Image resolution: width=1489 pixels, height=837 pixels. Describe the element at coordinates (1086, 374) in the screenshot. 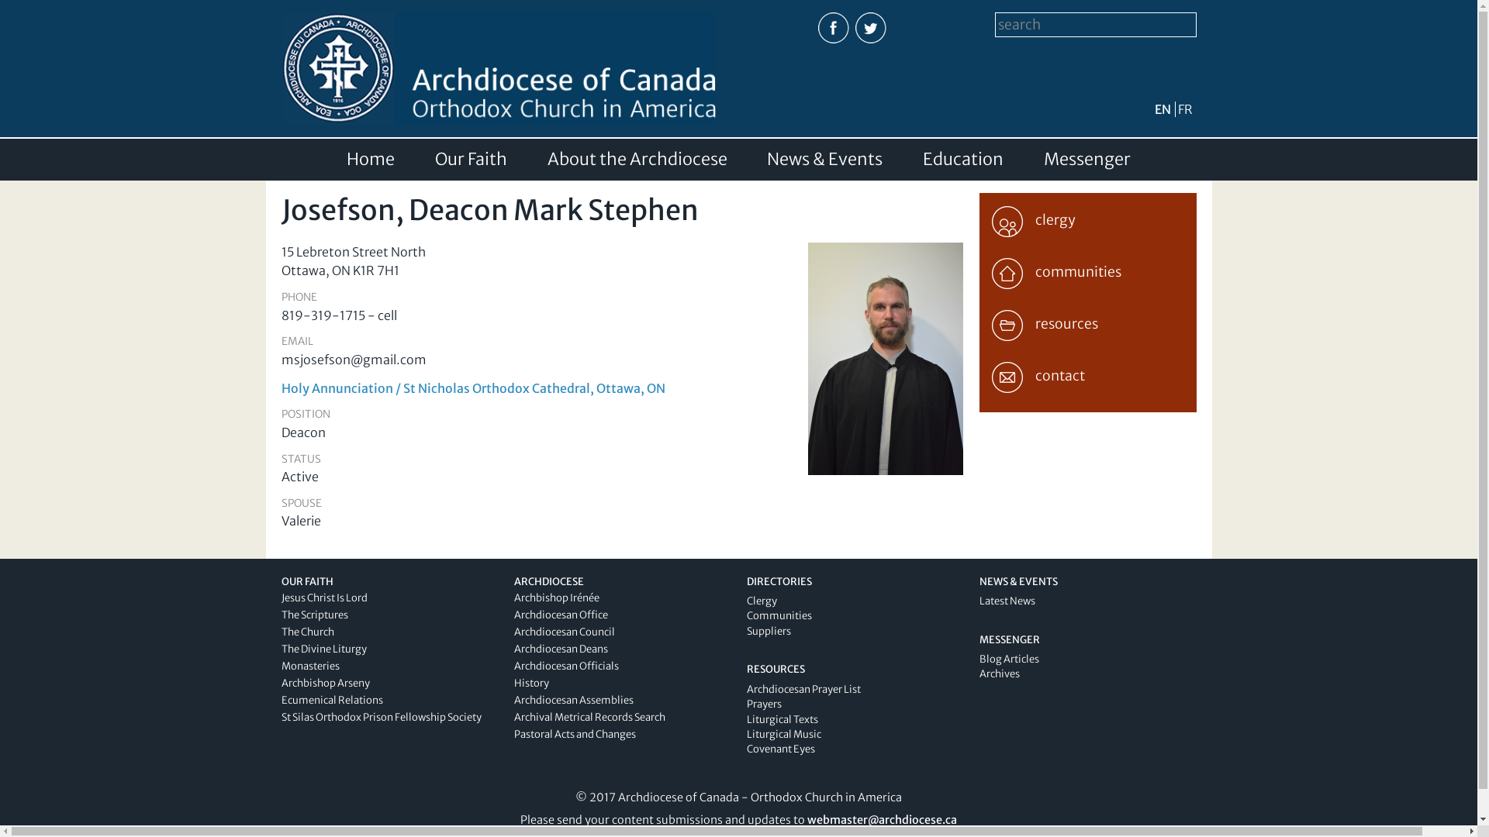

I see `'contact'` at that location.